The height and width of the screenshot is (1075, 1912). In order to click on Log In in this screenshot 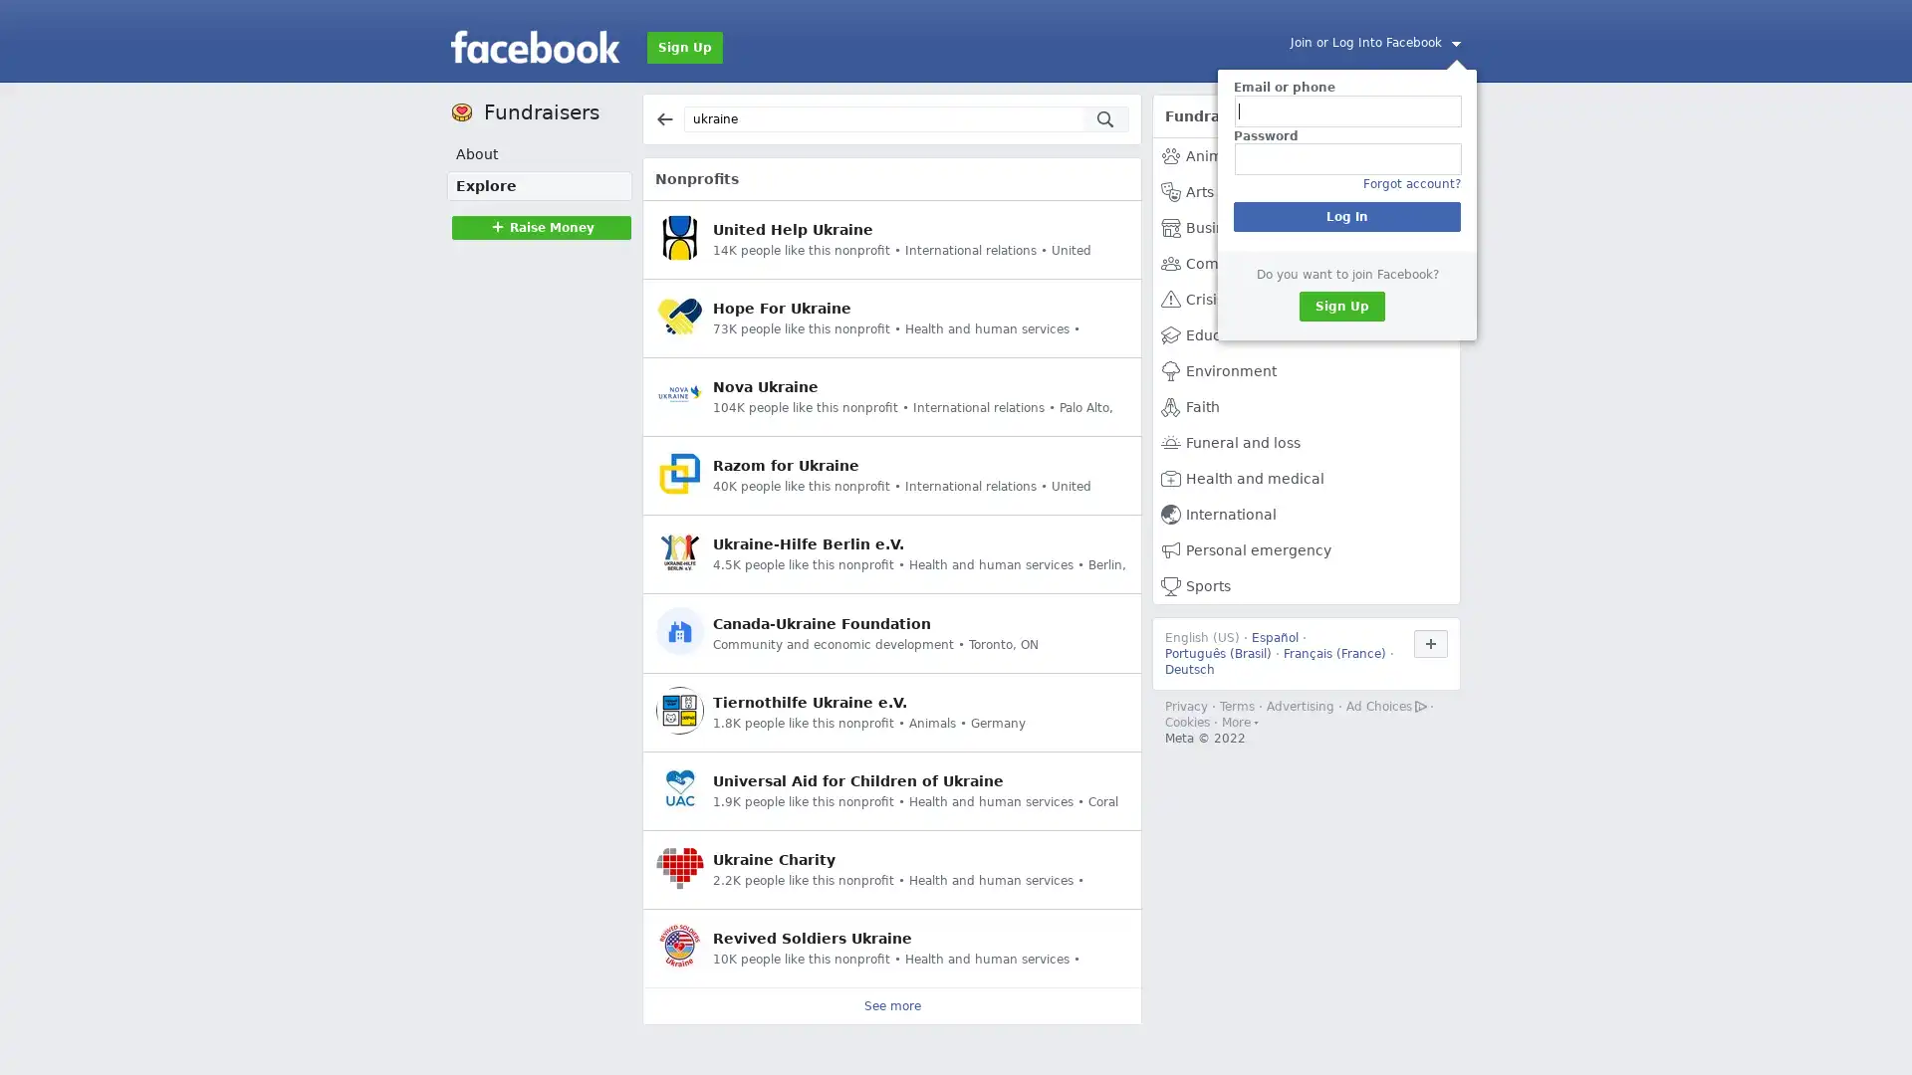, I will do `click(1347, 217)`.